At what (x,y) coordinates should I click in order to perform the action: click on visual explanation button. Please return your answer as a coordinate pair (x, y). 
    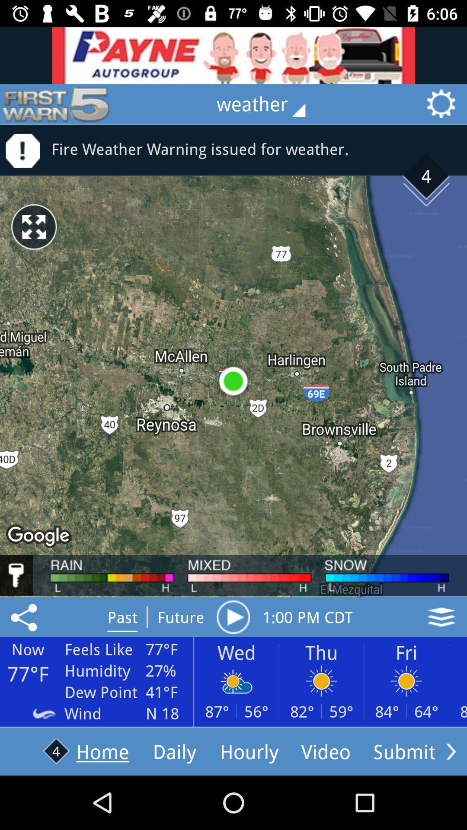
    Looking at the image, I should click on (441, 616).